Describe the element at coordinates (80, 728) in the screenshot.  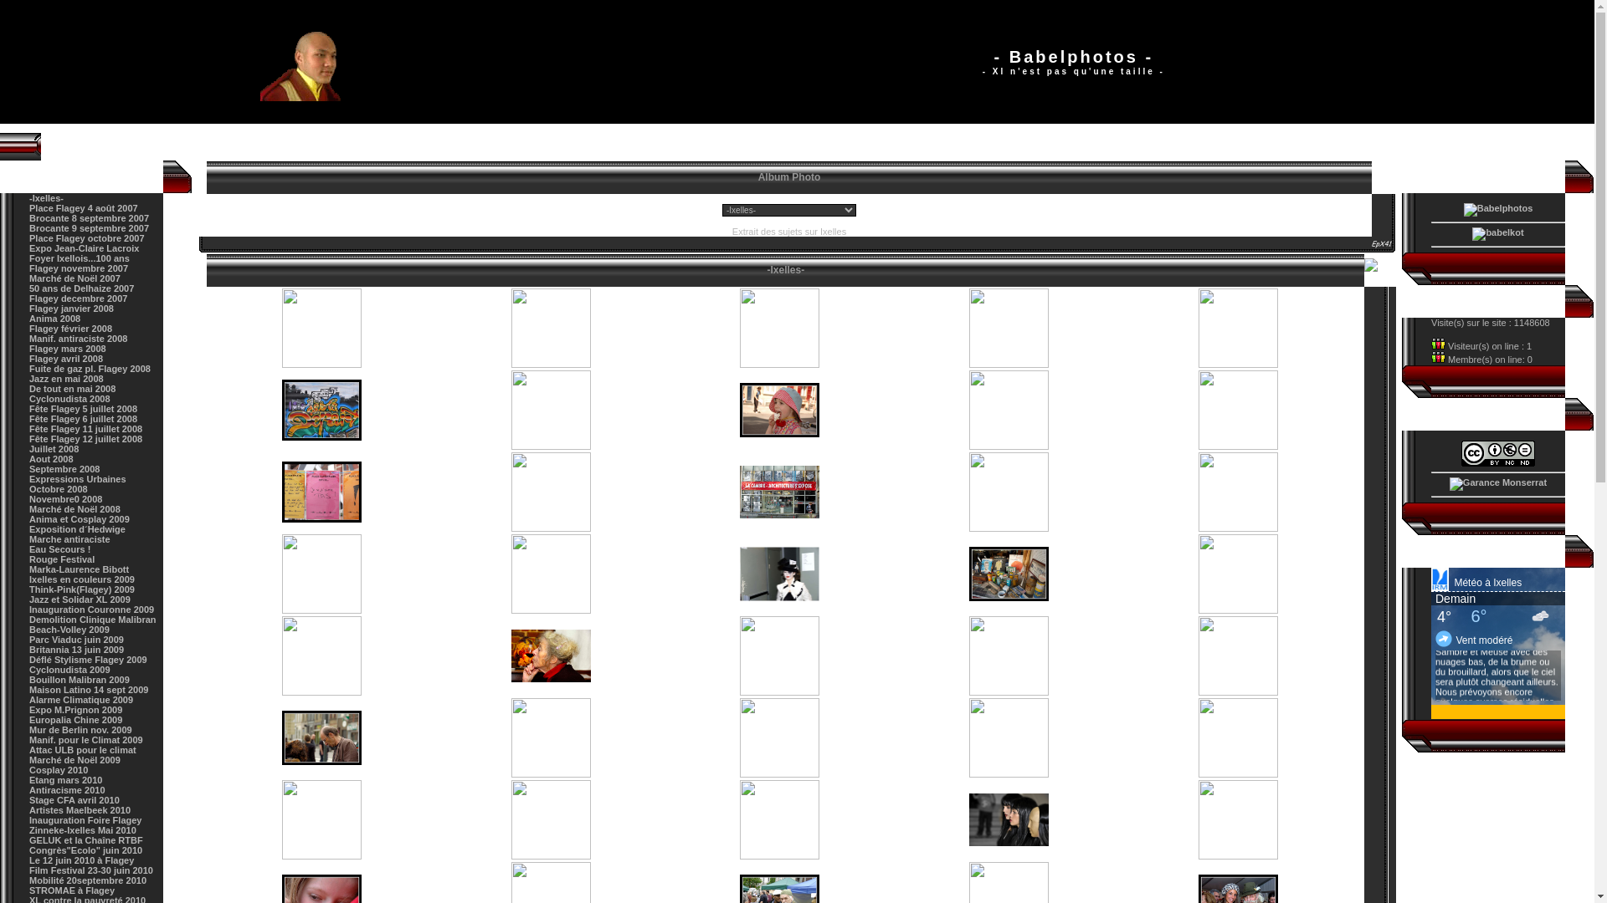
I see `'Mur de Berlin nov. 2009'` at that location.